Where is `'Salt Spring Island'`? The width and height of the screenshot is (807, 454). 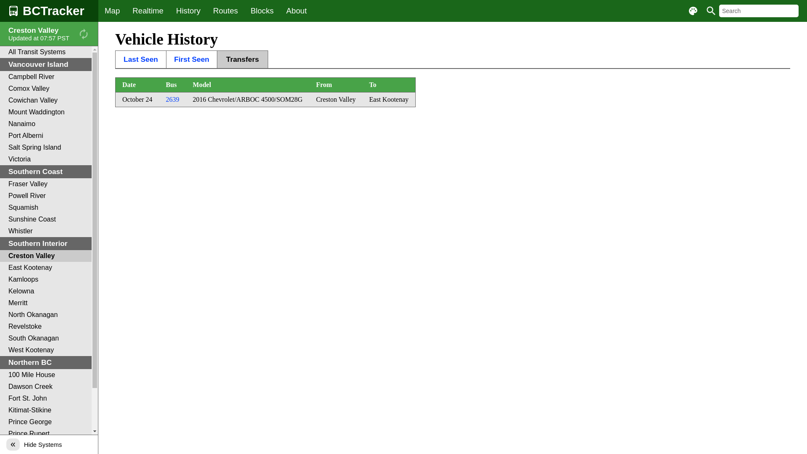
'Salt Spring Island' is located at coordinates (0, 147).